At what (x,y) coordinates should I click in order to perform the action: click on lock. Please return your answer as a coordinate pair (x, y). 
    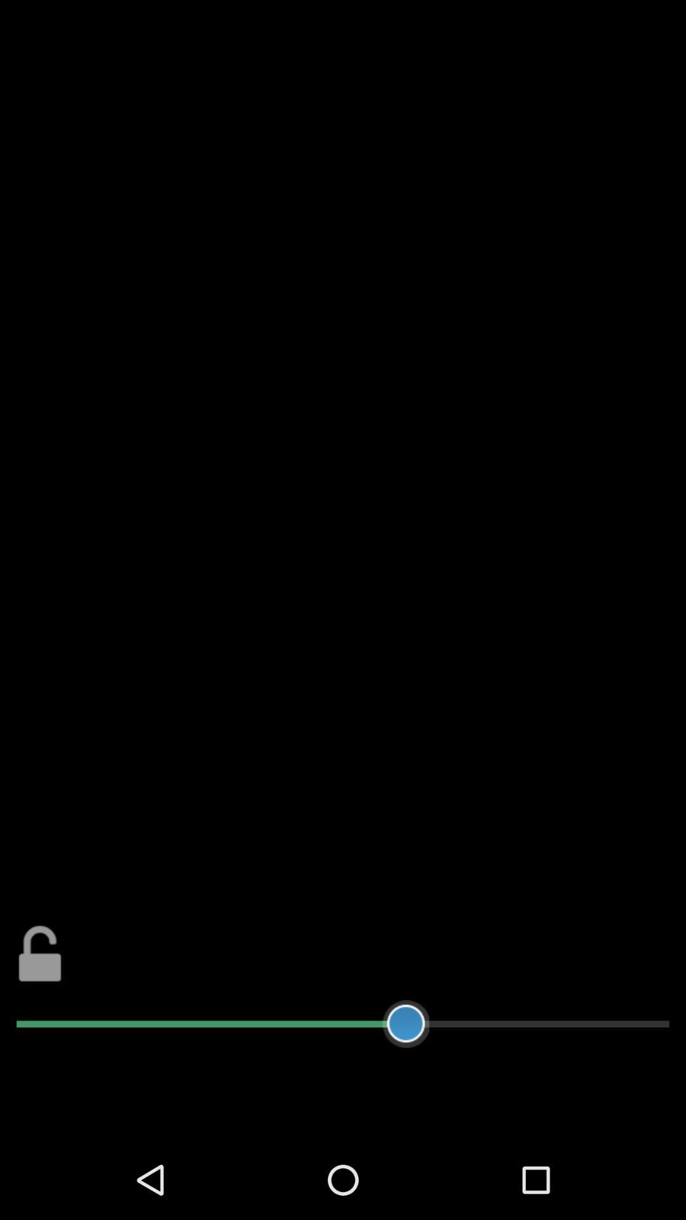
    Looking at the image, I should click on (39, 953).